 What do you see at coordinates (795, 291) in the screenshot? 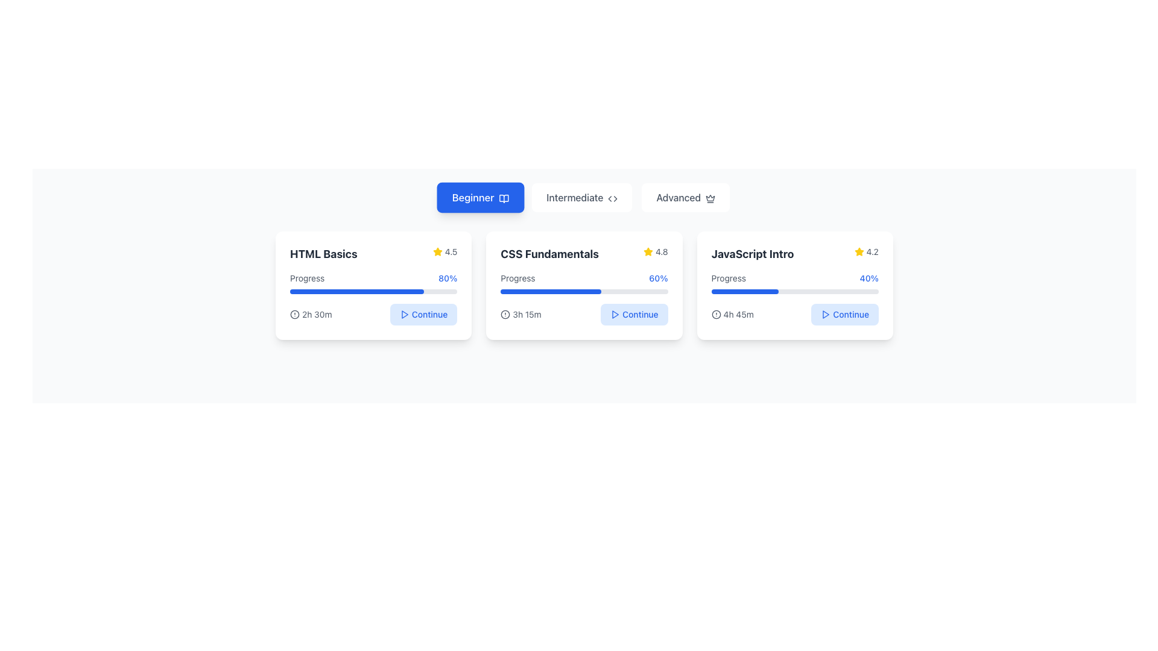
I see `the horizontal progress bar located in the 'JavaScript Intro' section, beneath the text 'Progress' and next to '40%' percentage text` at bounding box center [795, 291].